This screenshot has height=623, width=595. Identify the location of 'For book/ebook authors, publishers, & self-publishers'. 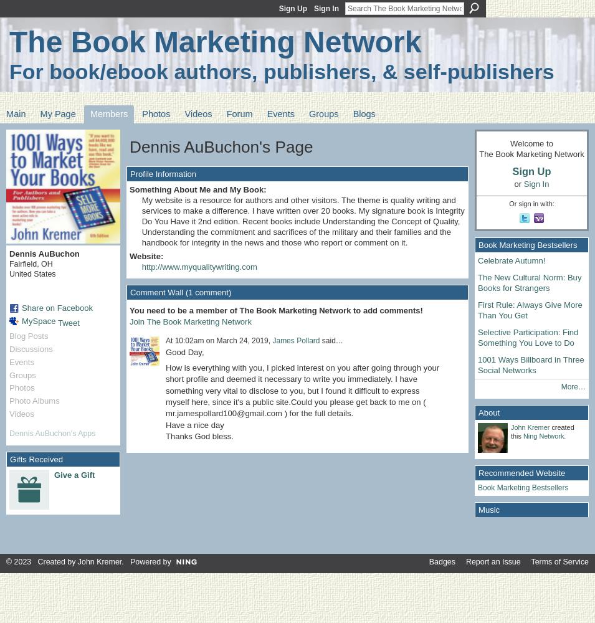
(281, 70).